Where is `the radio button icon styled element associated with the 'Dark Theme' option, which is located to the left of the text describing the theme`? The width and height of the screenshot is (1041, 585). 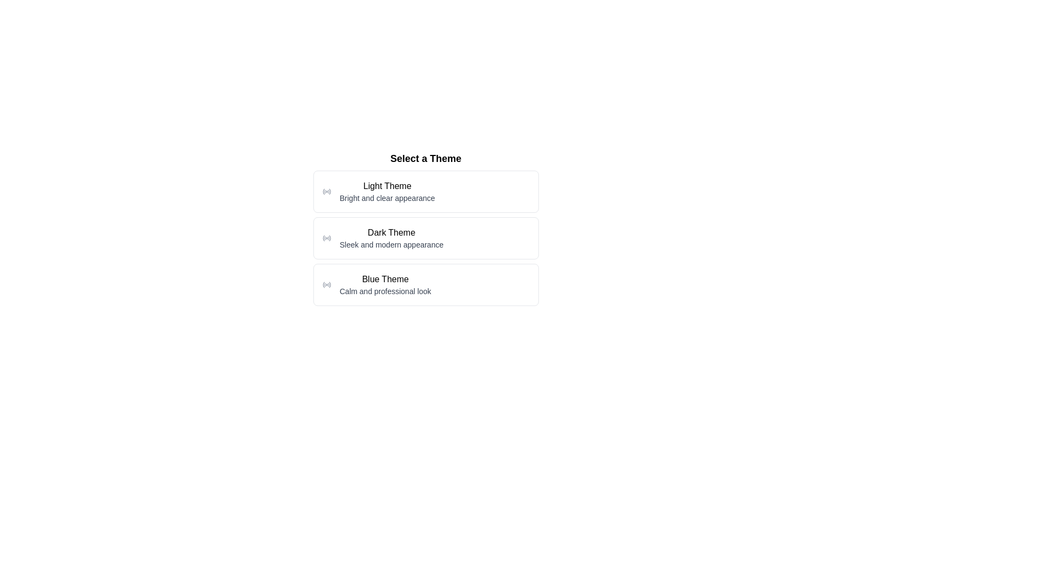
the radio button icon styled element associated with the 'Dark Theme' option, which is located to the left of the text describing the theme is located at coordinates (326, 237).